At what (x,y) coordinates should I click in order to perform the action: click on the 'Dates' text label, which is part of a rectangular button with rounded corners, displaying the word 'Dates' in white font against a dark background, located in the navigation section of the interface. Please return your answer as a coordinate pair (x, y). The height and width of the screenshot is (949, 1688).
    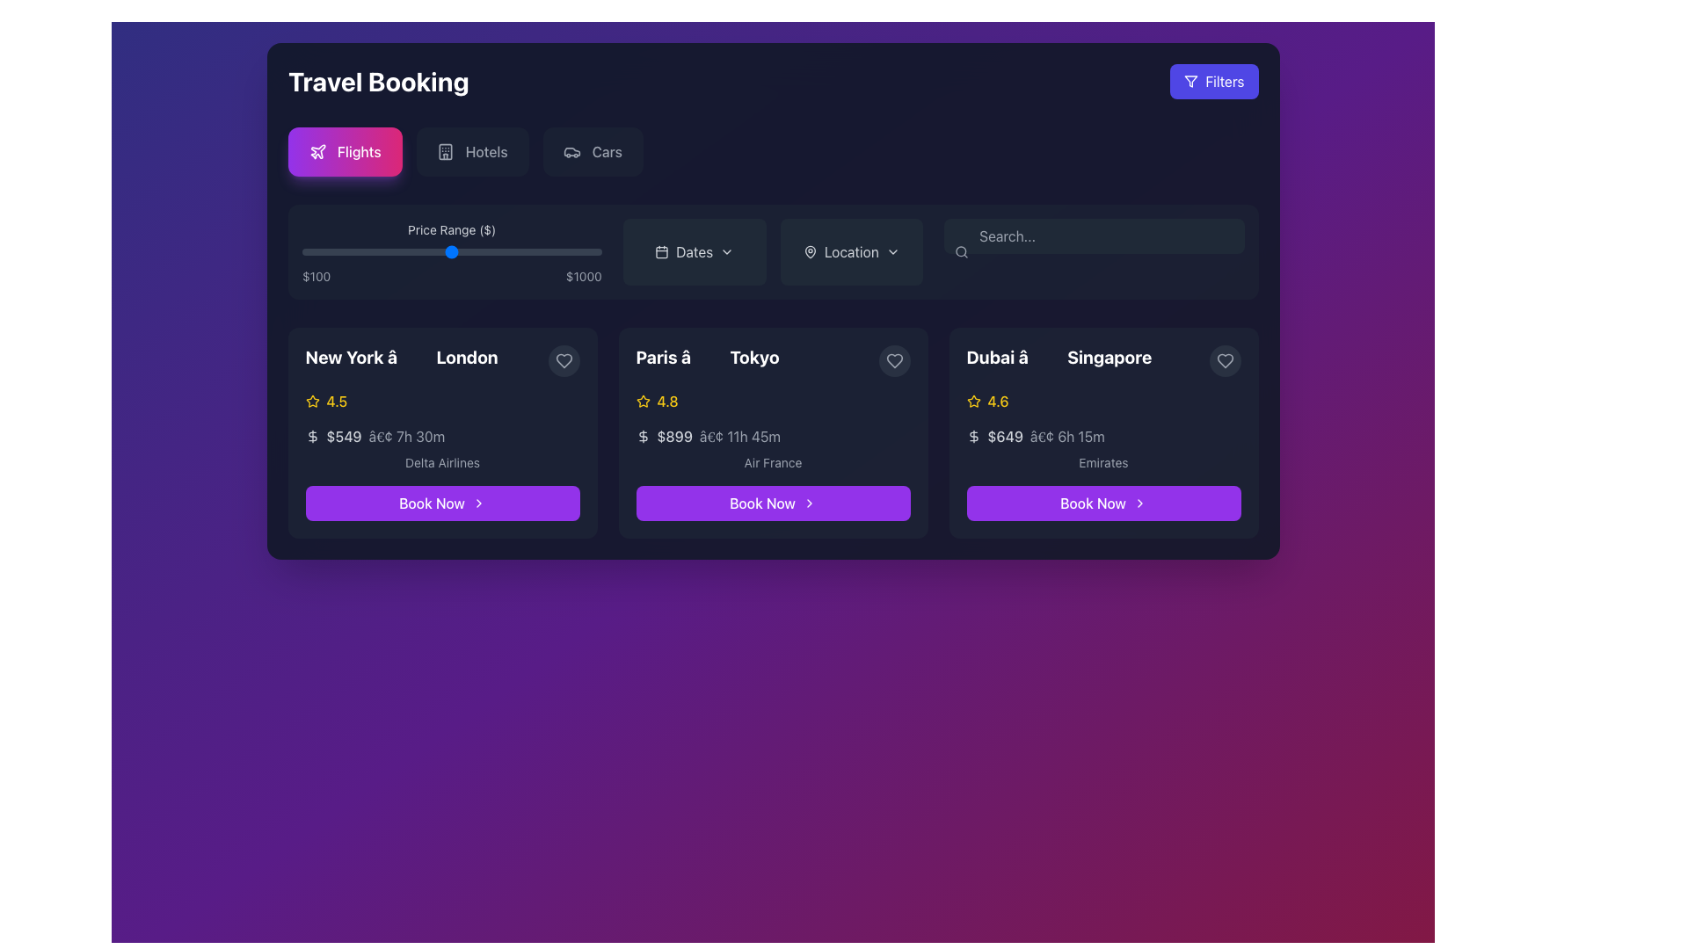
    Looking at the image, I should click on (694, 251).